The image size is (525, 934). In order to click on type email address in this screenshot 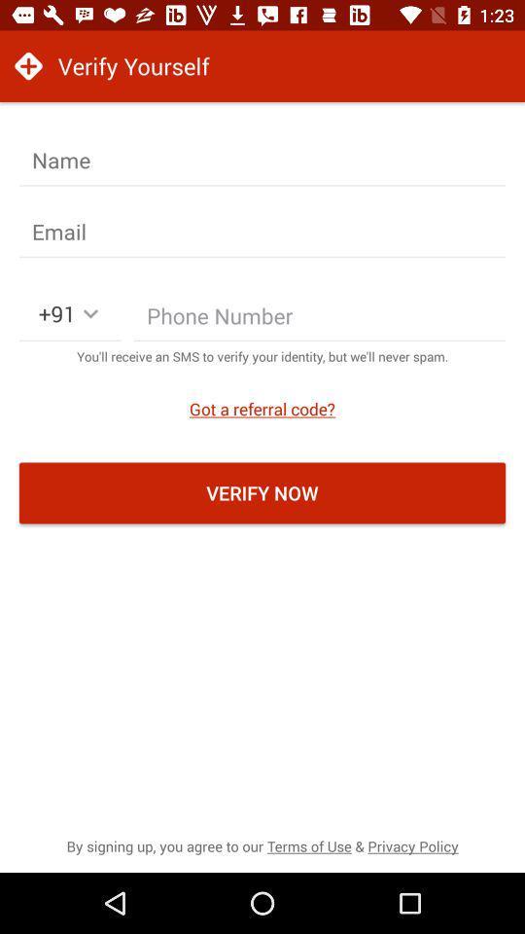, I will do `click(262, 232)`.